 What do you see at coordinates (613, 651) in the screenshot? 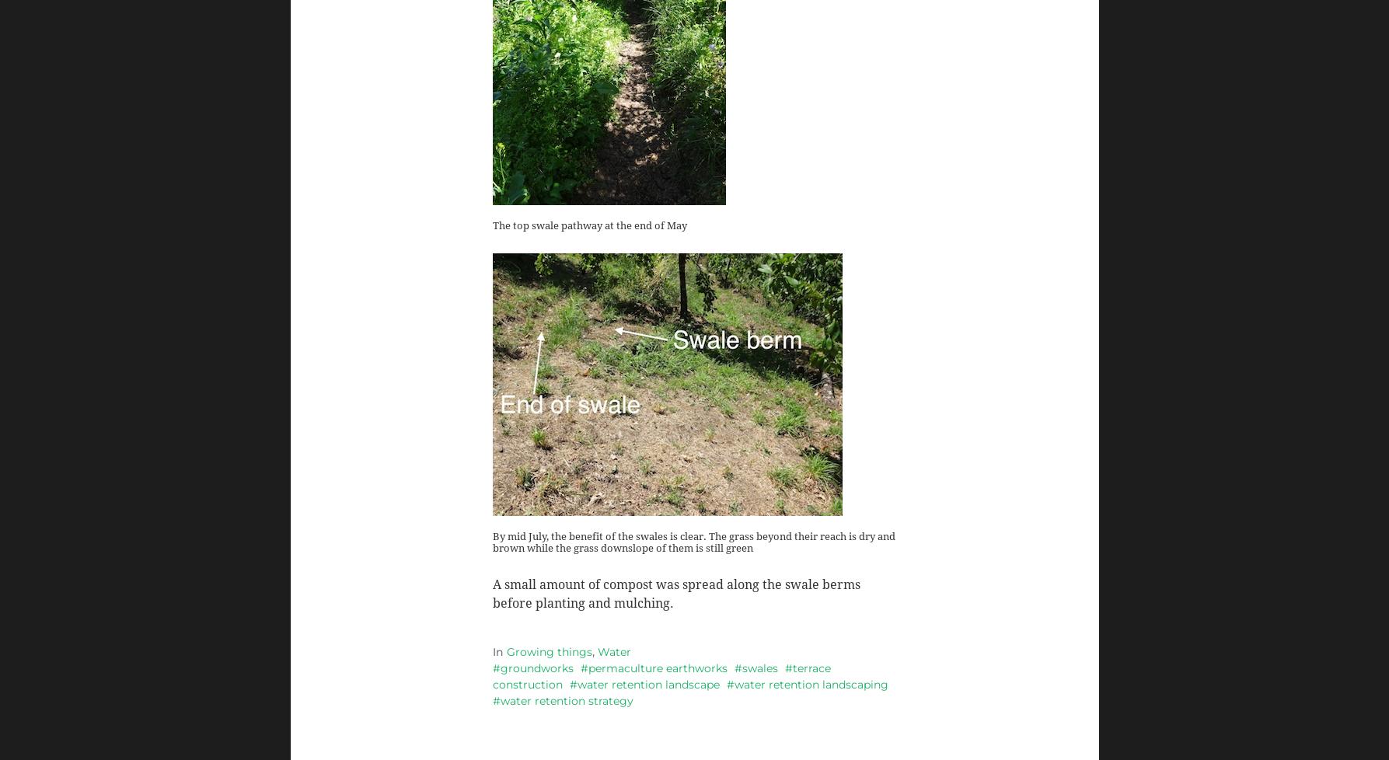
I see `'Water'` at bounding box center [613, 651].